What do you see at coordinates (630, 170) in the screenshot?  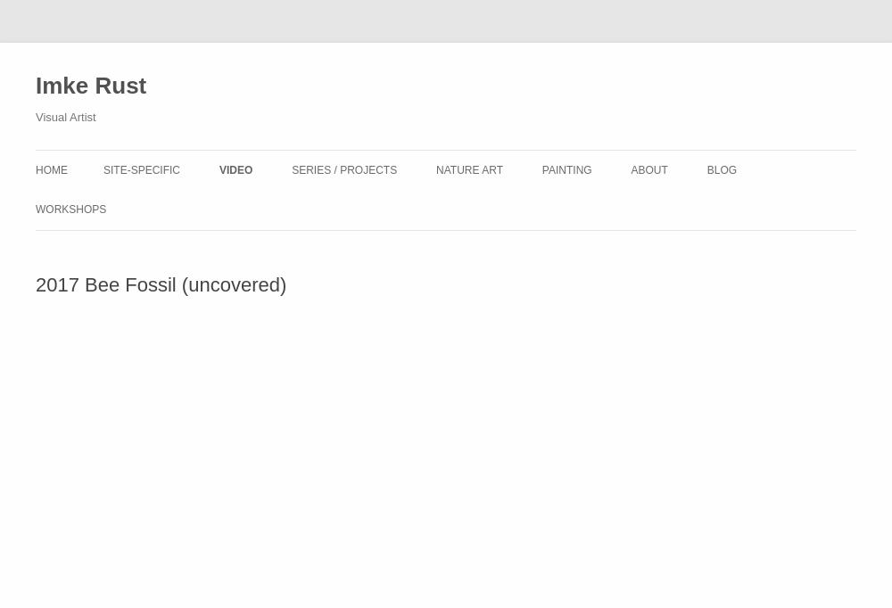 I see `'About'` at bounding box center [630, 170].